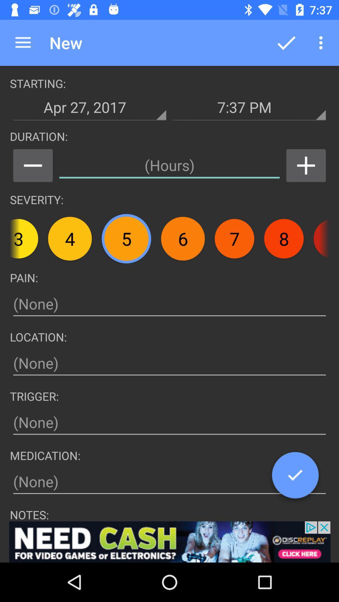 The image size is (339, 602). I want to click on less duration option, so click(33, 166).